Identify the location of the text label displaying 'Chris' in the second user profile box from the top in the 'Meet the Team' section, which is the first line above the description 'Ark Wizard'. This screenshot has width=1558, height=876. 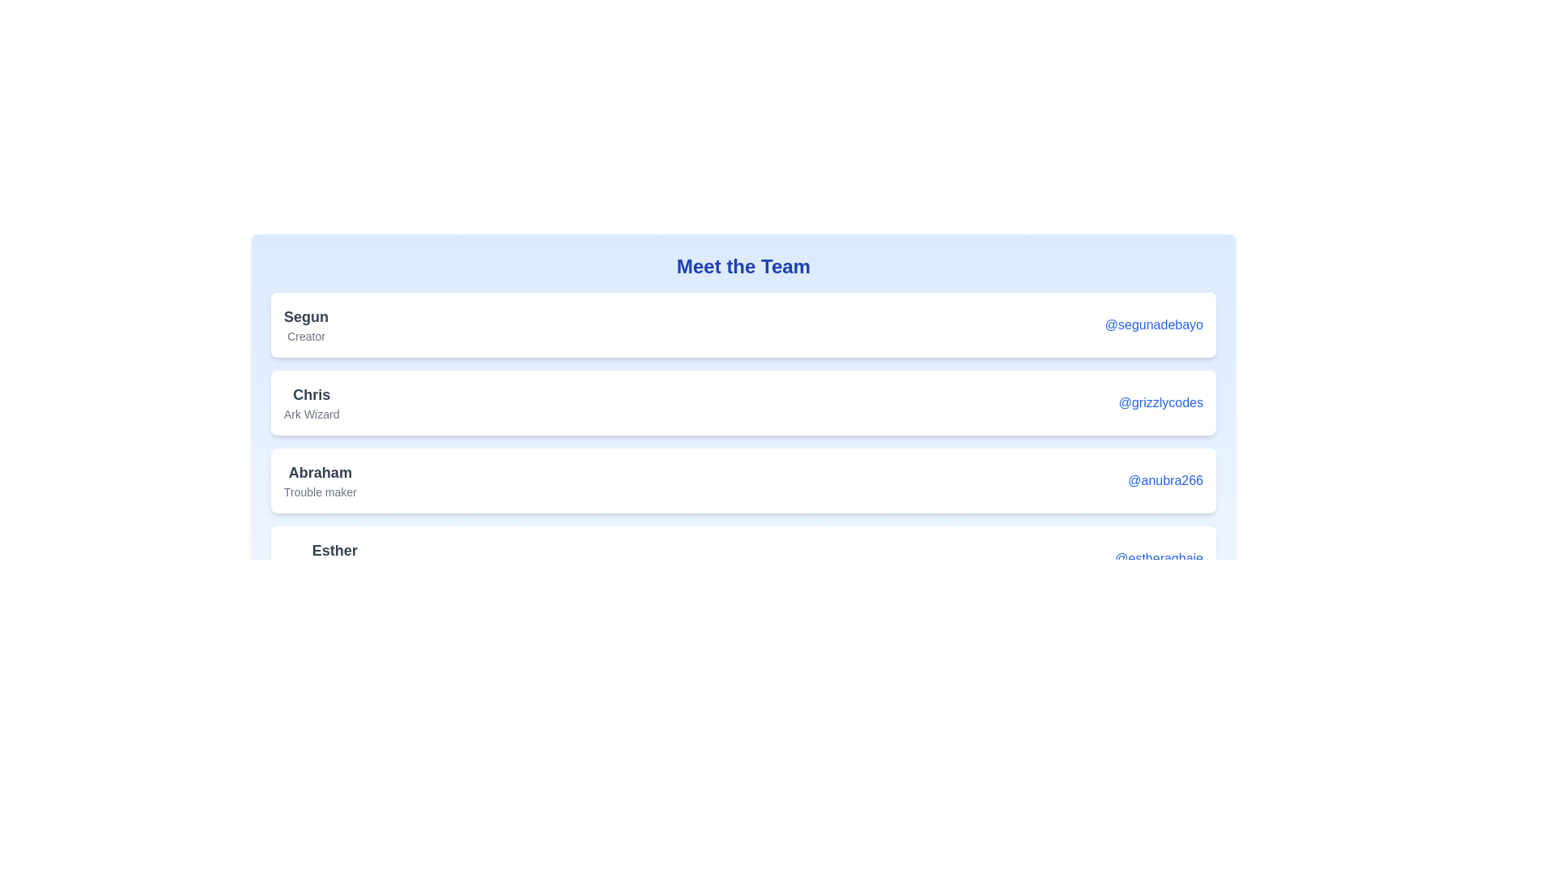
(312, 394).